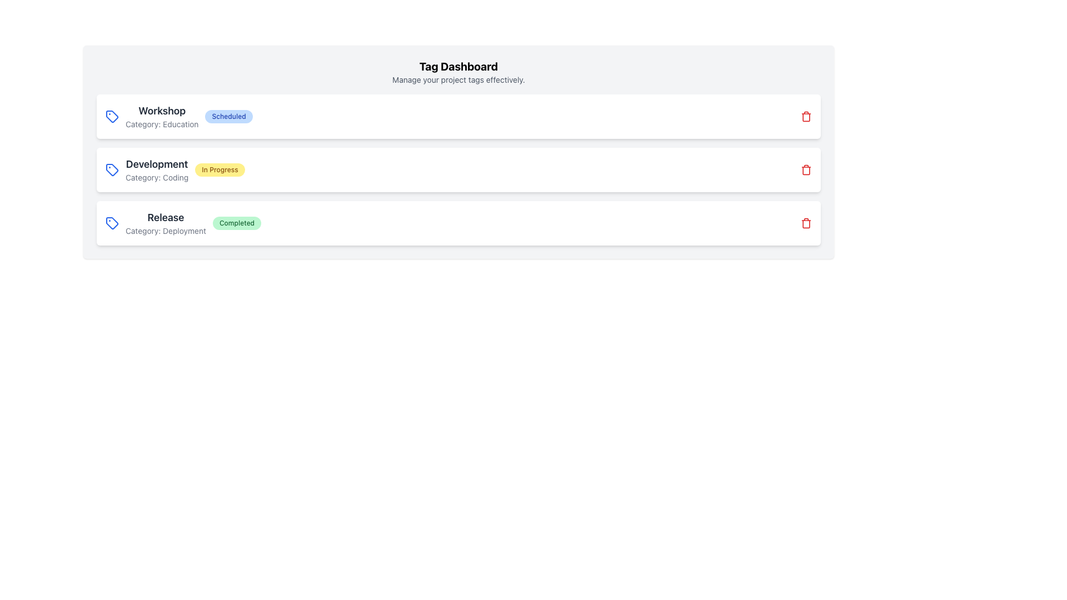 This screenshot has height=600, width=1067. What do you see at coordinates (112, 223) in the screenshot?
I see `the blue tag icon in the 'Release' section, located before the text 'Release: Category Deployment'` at bounding box center [112, 223].